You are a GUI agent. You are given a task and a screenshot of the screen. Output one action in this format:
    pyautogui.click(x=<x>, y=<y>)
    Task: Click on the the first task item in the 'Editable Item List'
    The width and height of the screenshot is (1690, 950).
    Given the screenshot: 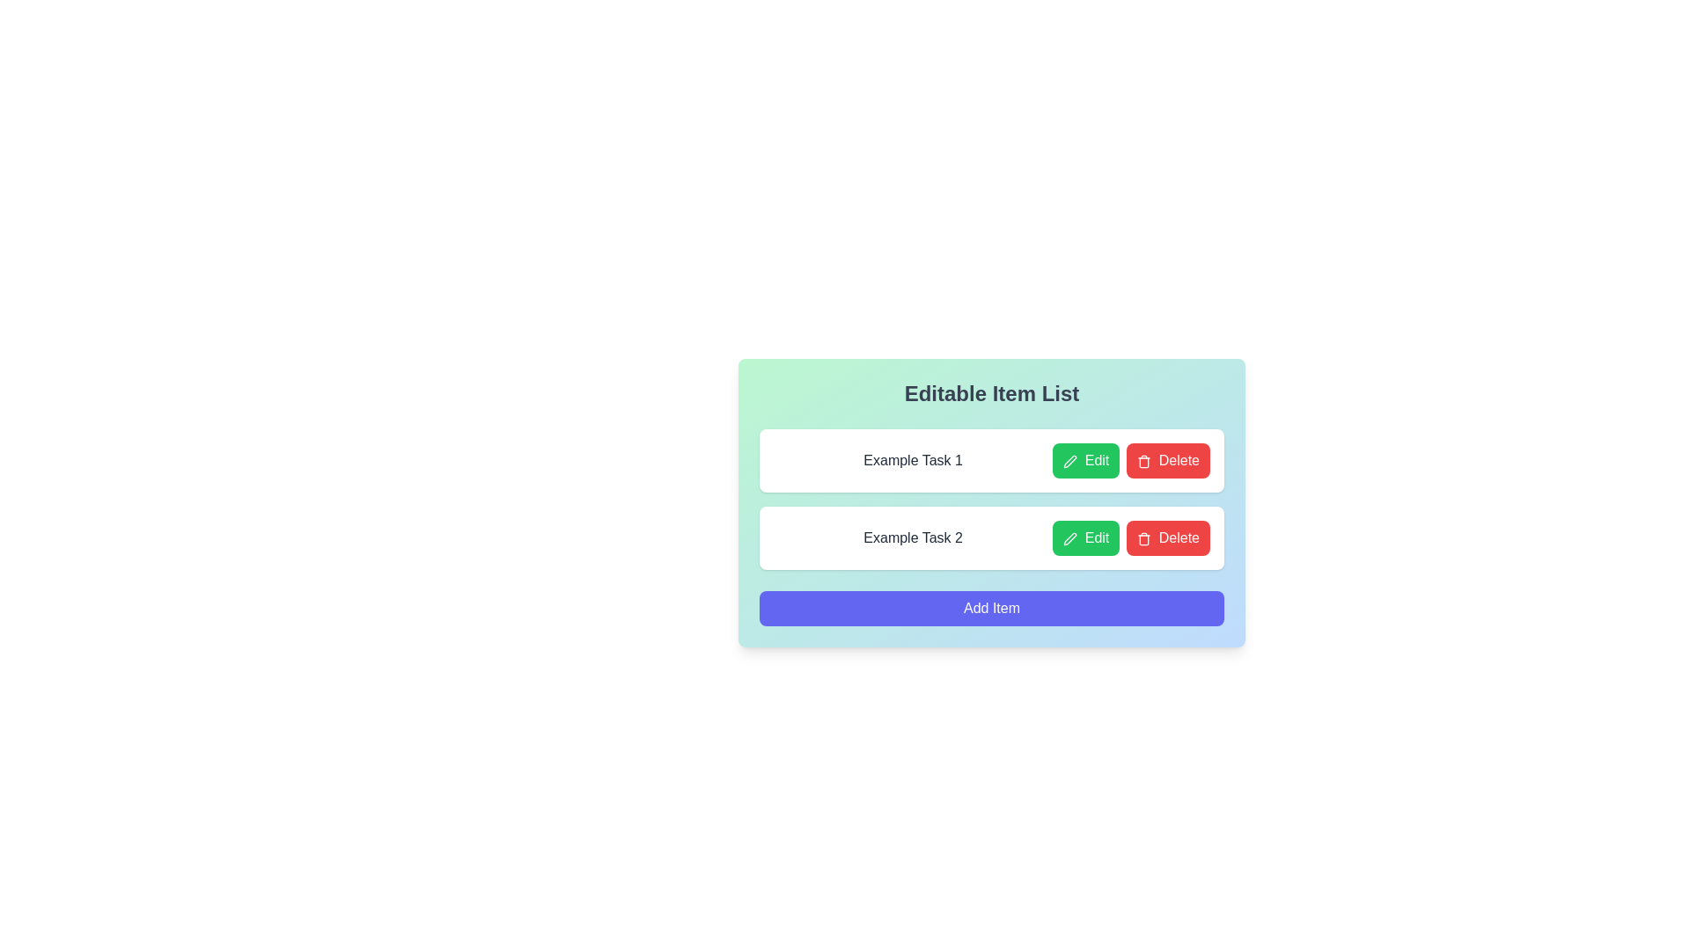 What is the action you would take?
    pyautogui.click(x=992, y=460)
    